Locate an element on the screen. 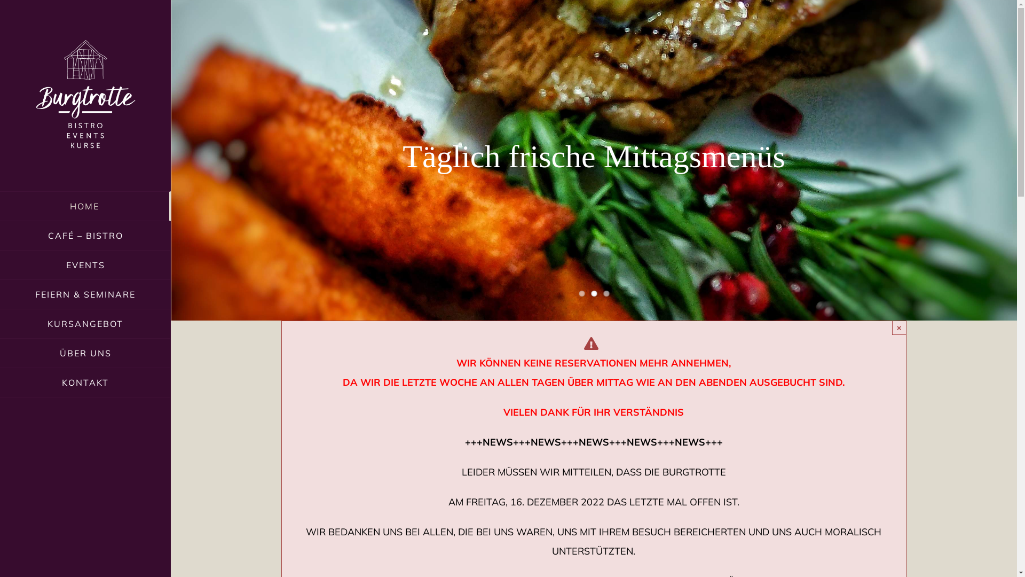  '1' is located at coordinates (578, 293).